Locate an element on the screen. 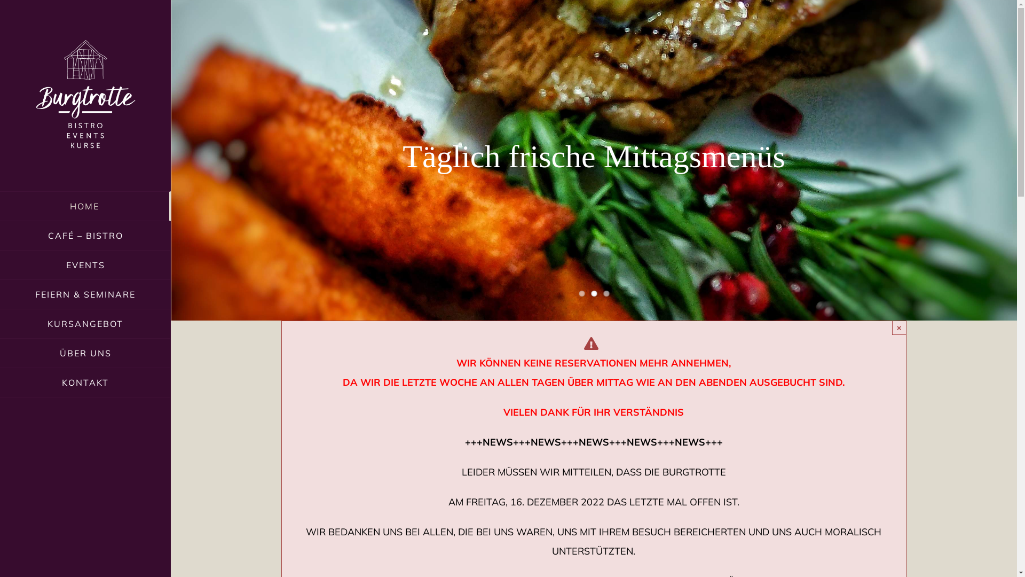  '1' is located at coordinates (578, 293).